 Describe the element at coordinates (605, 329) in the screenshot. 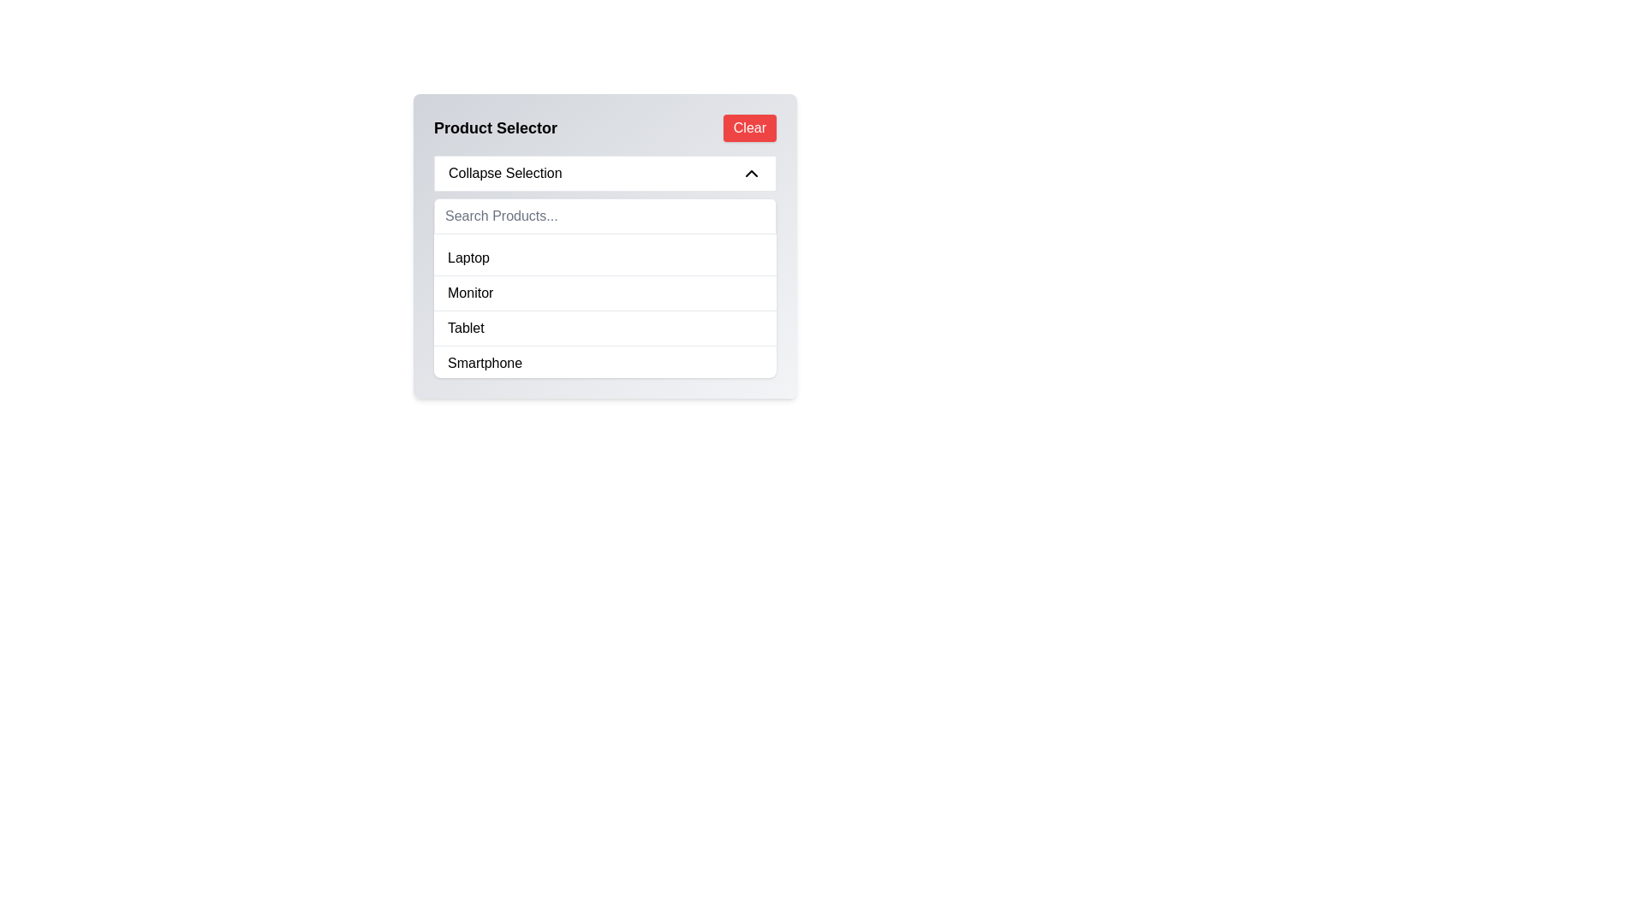

I see `the third list item in the 'Product Selector' dropdown, which represents the 'Tablet' option` at that location.